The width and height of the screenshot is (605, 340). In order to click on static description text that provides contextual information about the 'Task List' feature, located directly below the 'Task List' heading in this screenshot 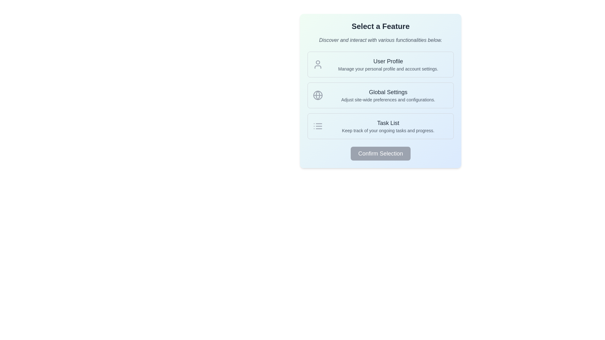, I will do `click(388, 130)`.